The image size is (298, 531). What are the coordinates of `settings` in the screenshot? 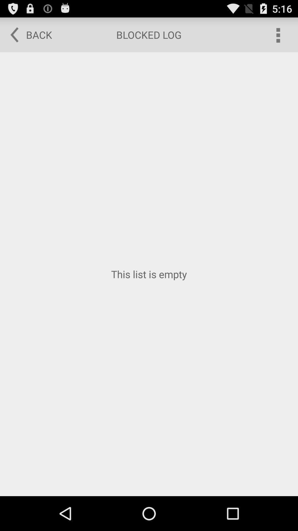 It's located at (278, 34).